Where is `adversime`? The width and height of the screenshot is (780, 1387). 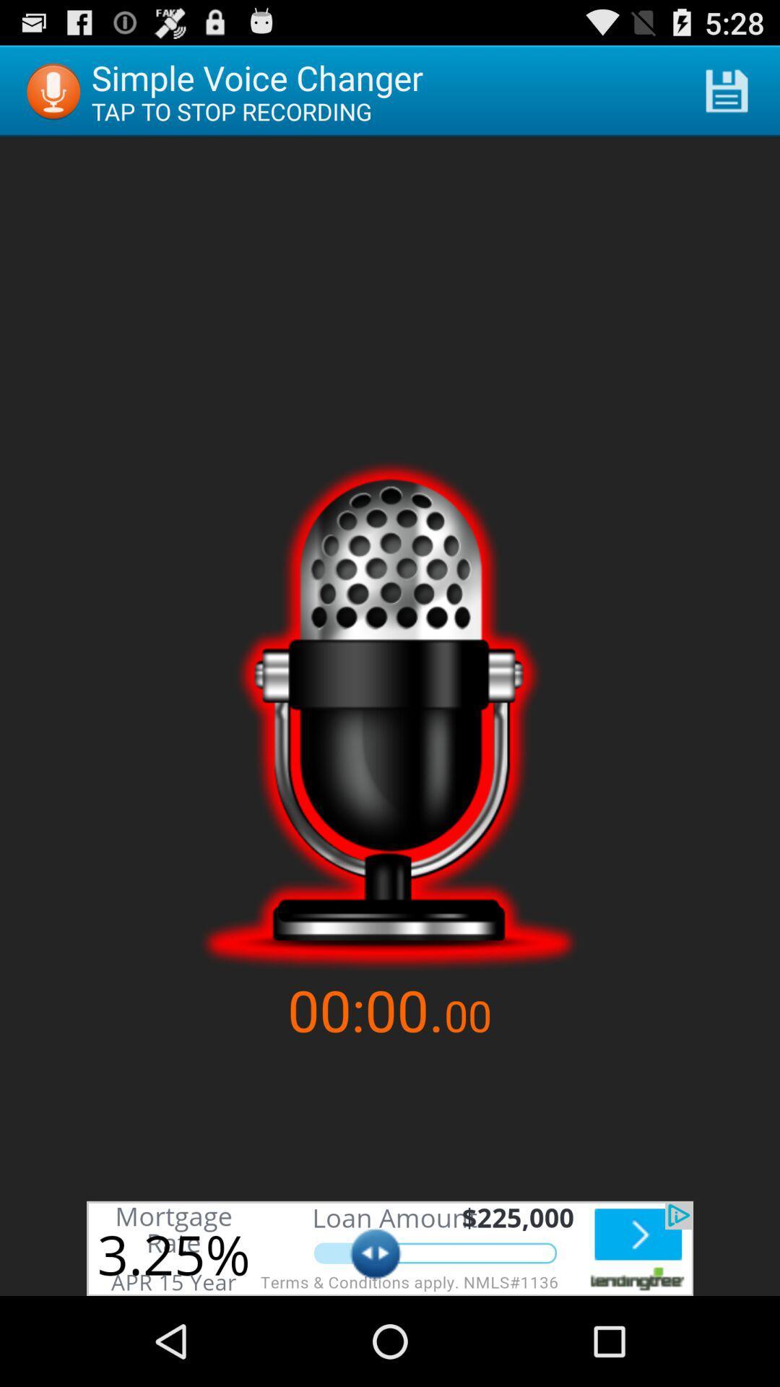 adversime is located at coordinates (390, 1248).